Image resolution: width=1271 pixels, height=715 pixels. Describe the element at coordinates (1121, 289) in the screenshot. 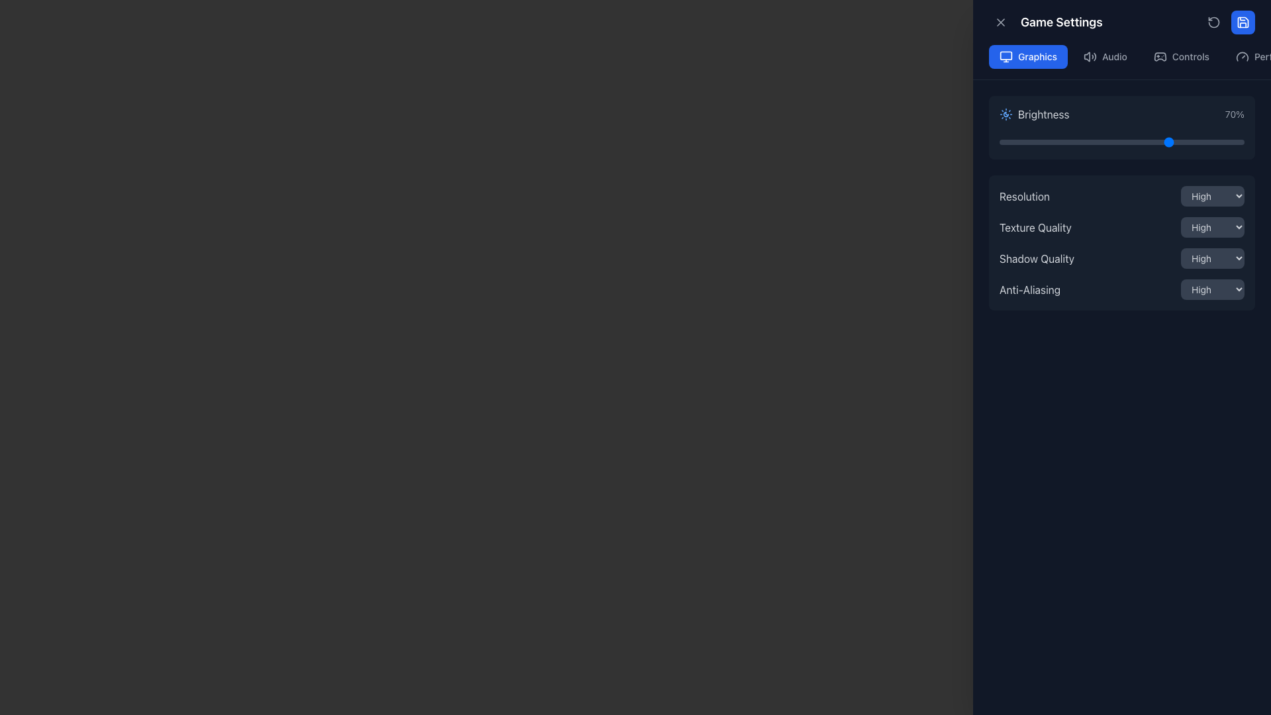

I see `a specific anti-aliasing level from the dropdown menu located in the bottom section of the settings panel, which is the fourth entry after 'Resolution', 'Texture Quality', and 'Shadow Quality'` at that location.